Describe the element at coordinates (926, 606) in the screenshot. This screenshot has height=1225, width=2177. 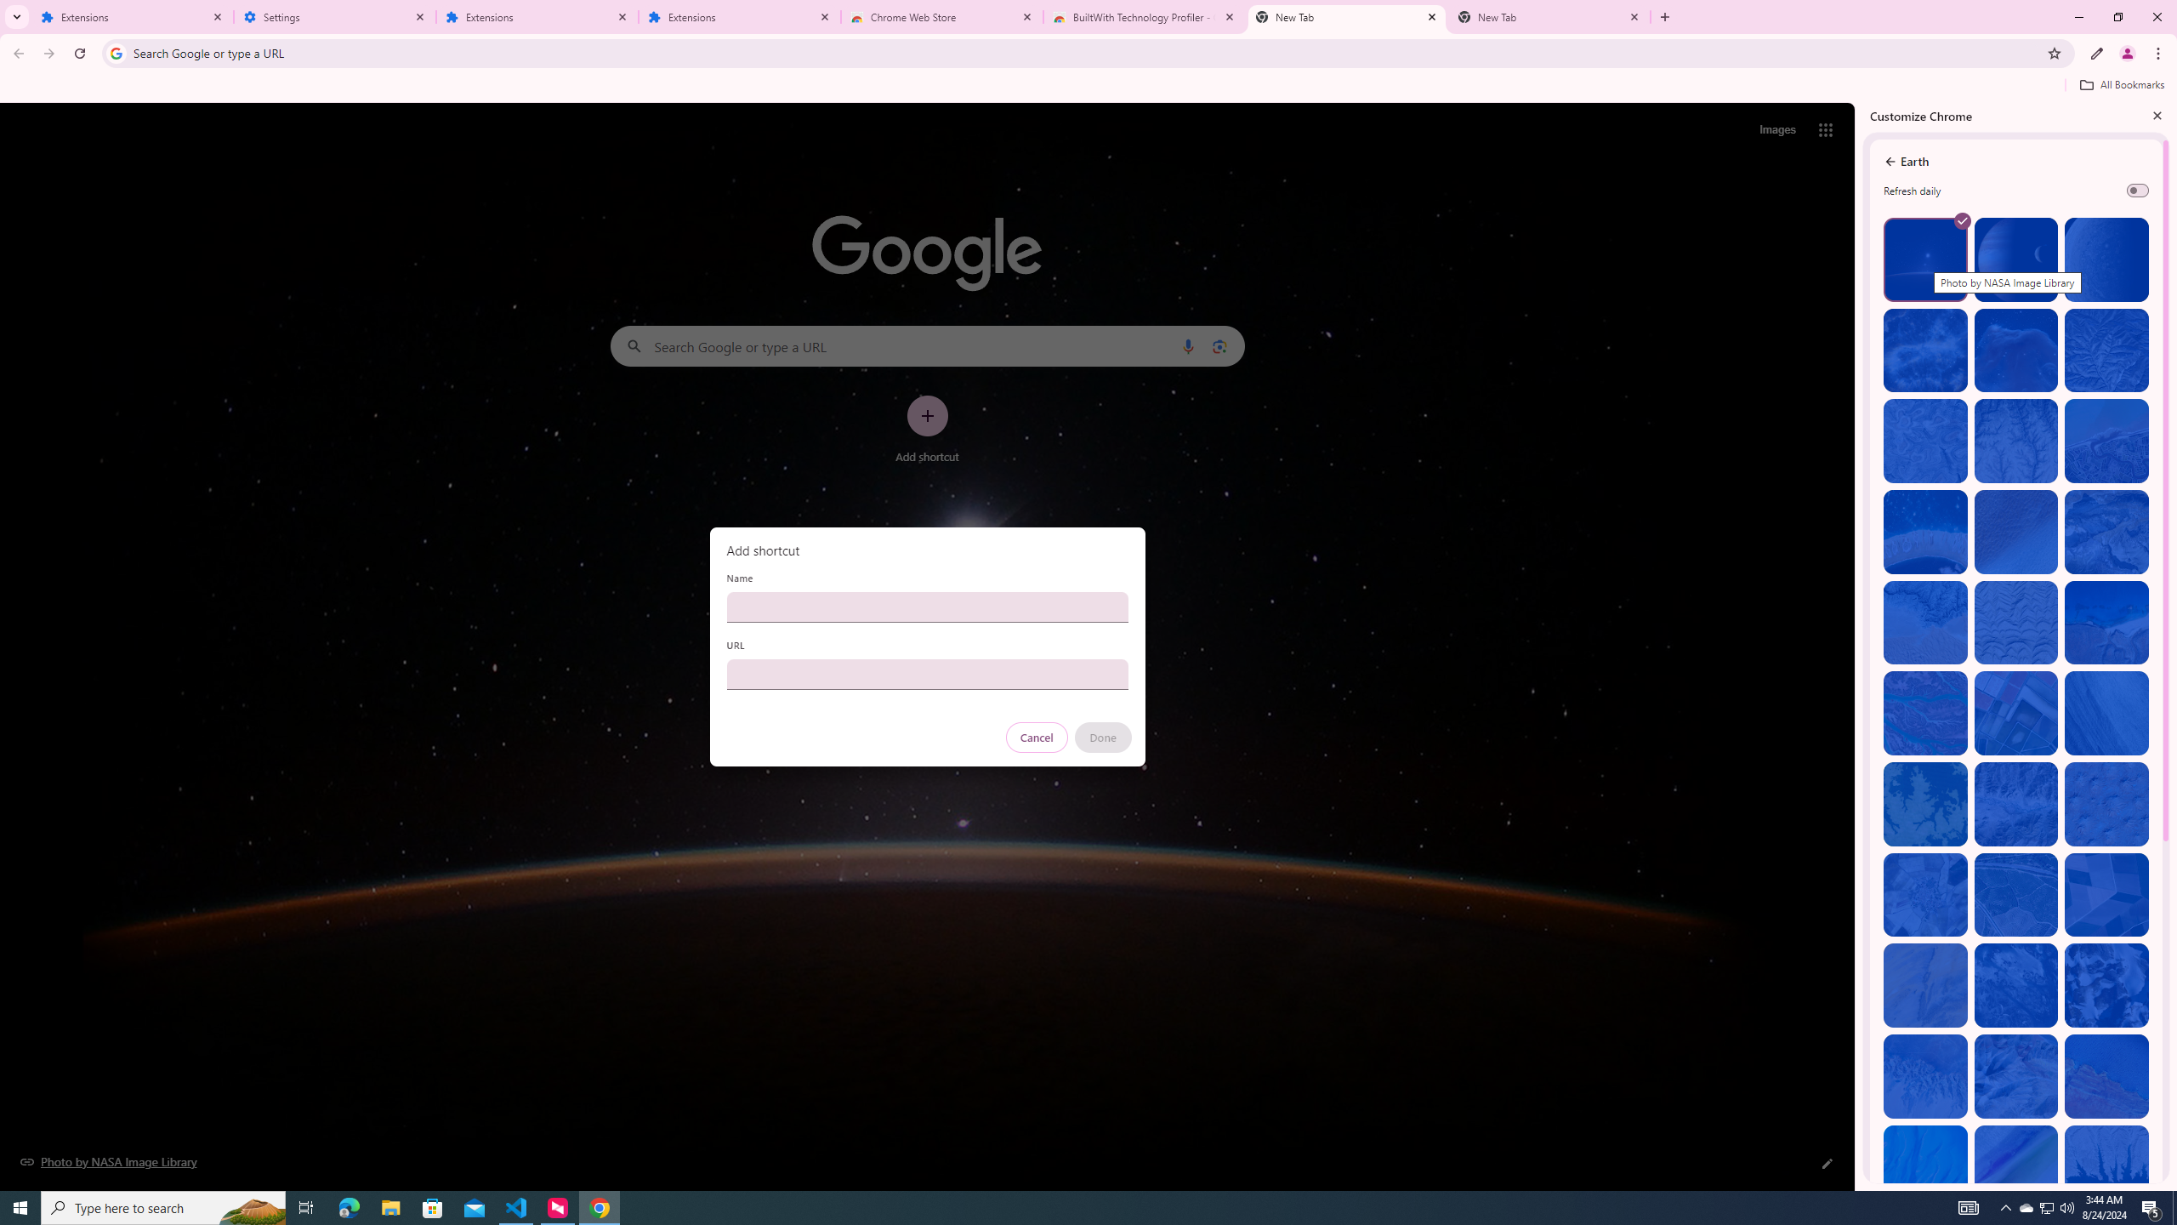
I see `'Name'` at that location.